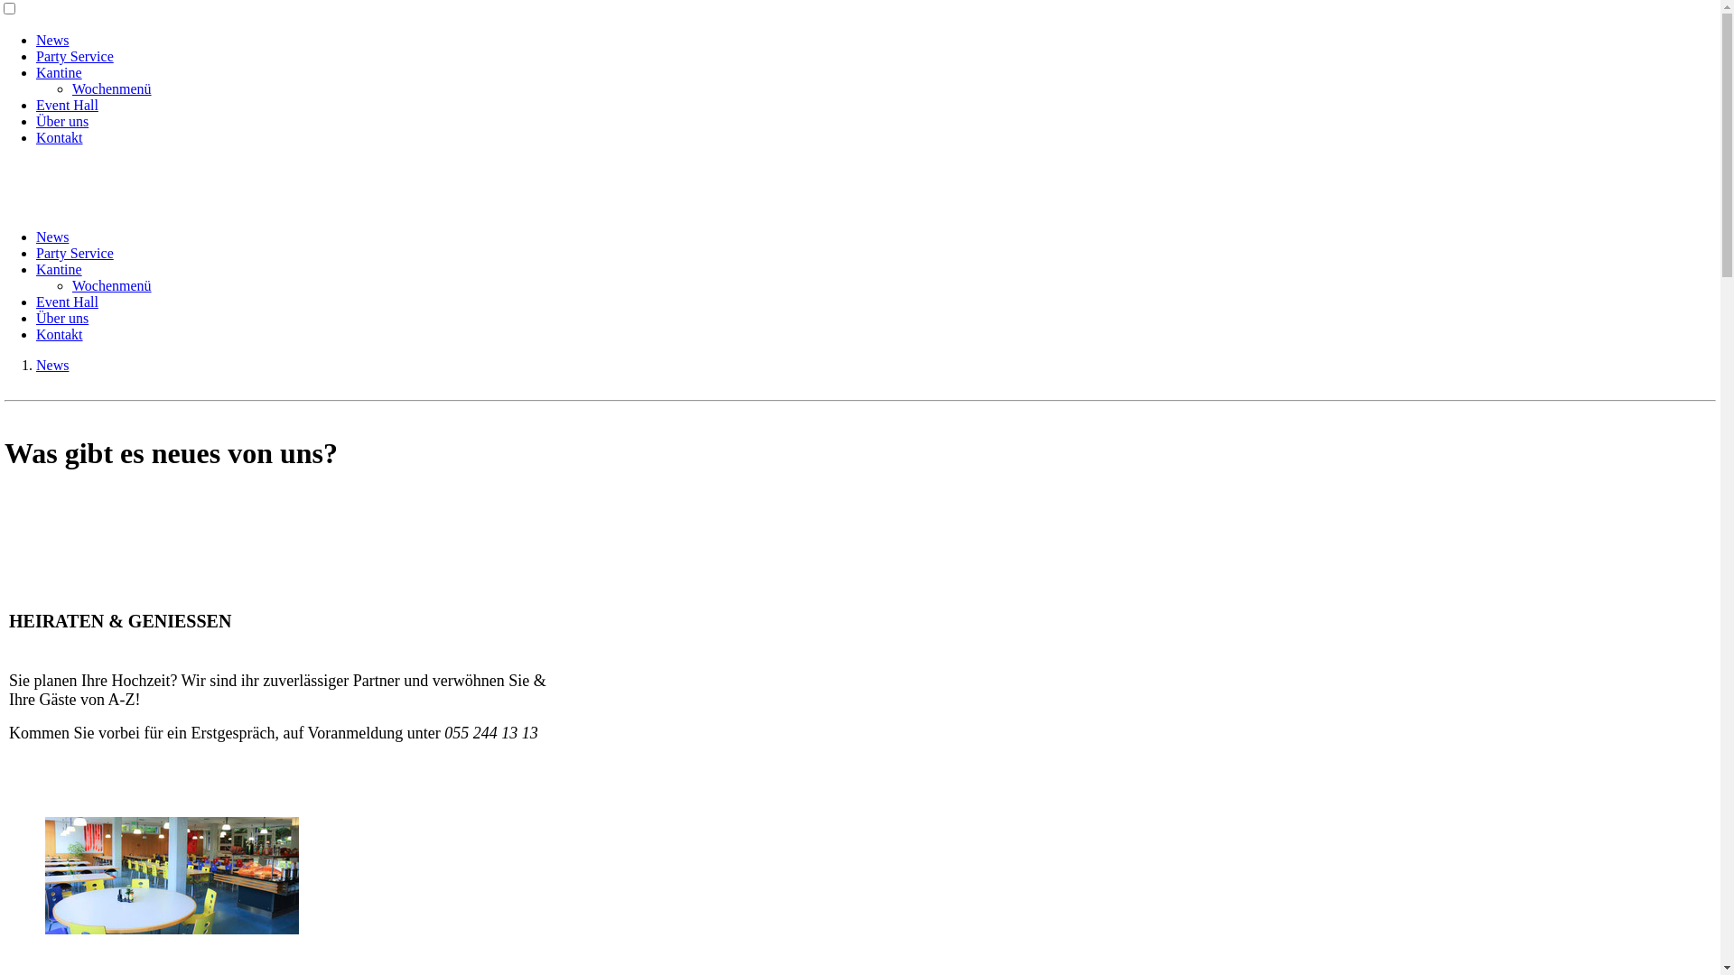 This screenshot has width=1734, height=975. I want to click on 'News', so click(51, 365).